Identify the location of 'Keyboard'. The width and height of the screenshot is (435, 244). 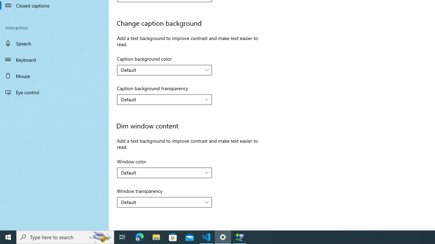
(54, 59).